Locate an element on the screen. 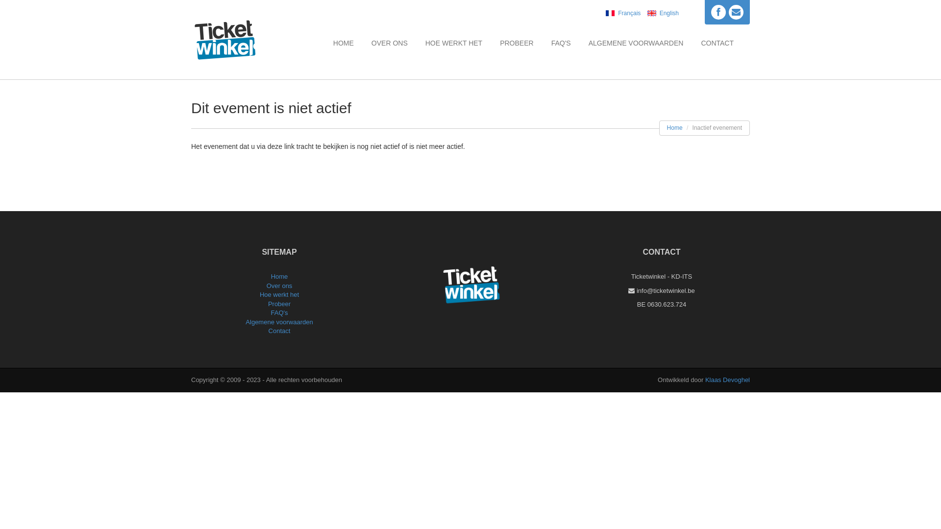 The height and width of the screenshot is (529, 941). 'Klaas Devoghel' is located at coordinates (727, 379).